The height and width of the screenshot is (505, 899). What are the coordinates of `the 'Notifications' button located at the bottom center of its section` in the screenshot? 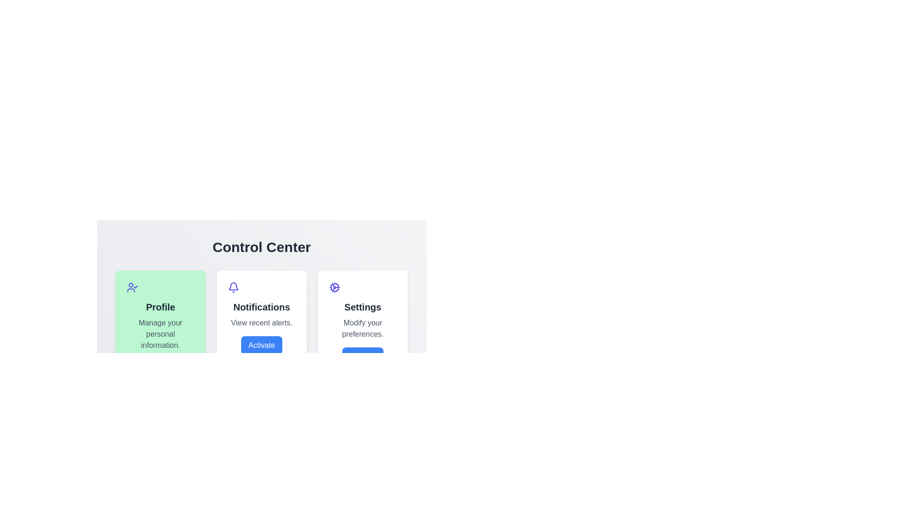 It's located at (261, 346).